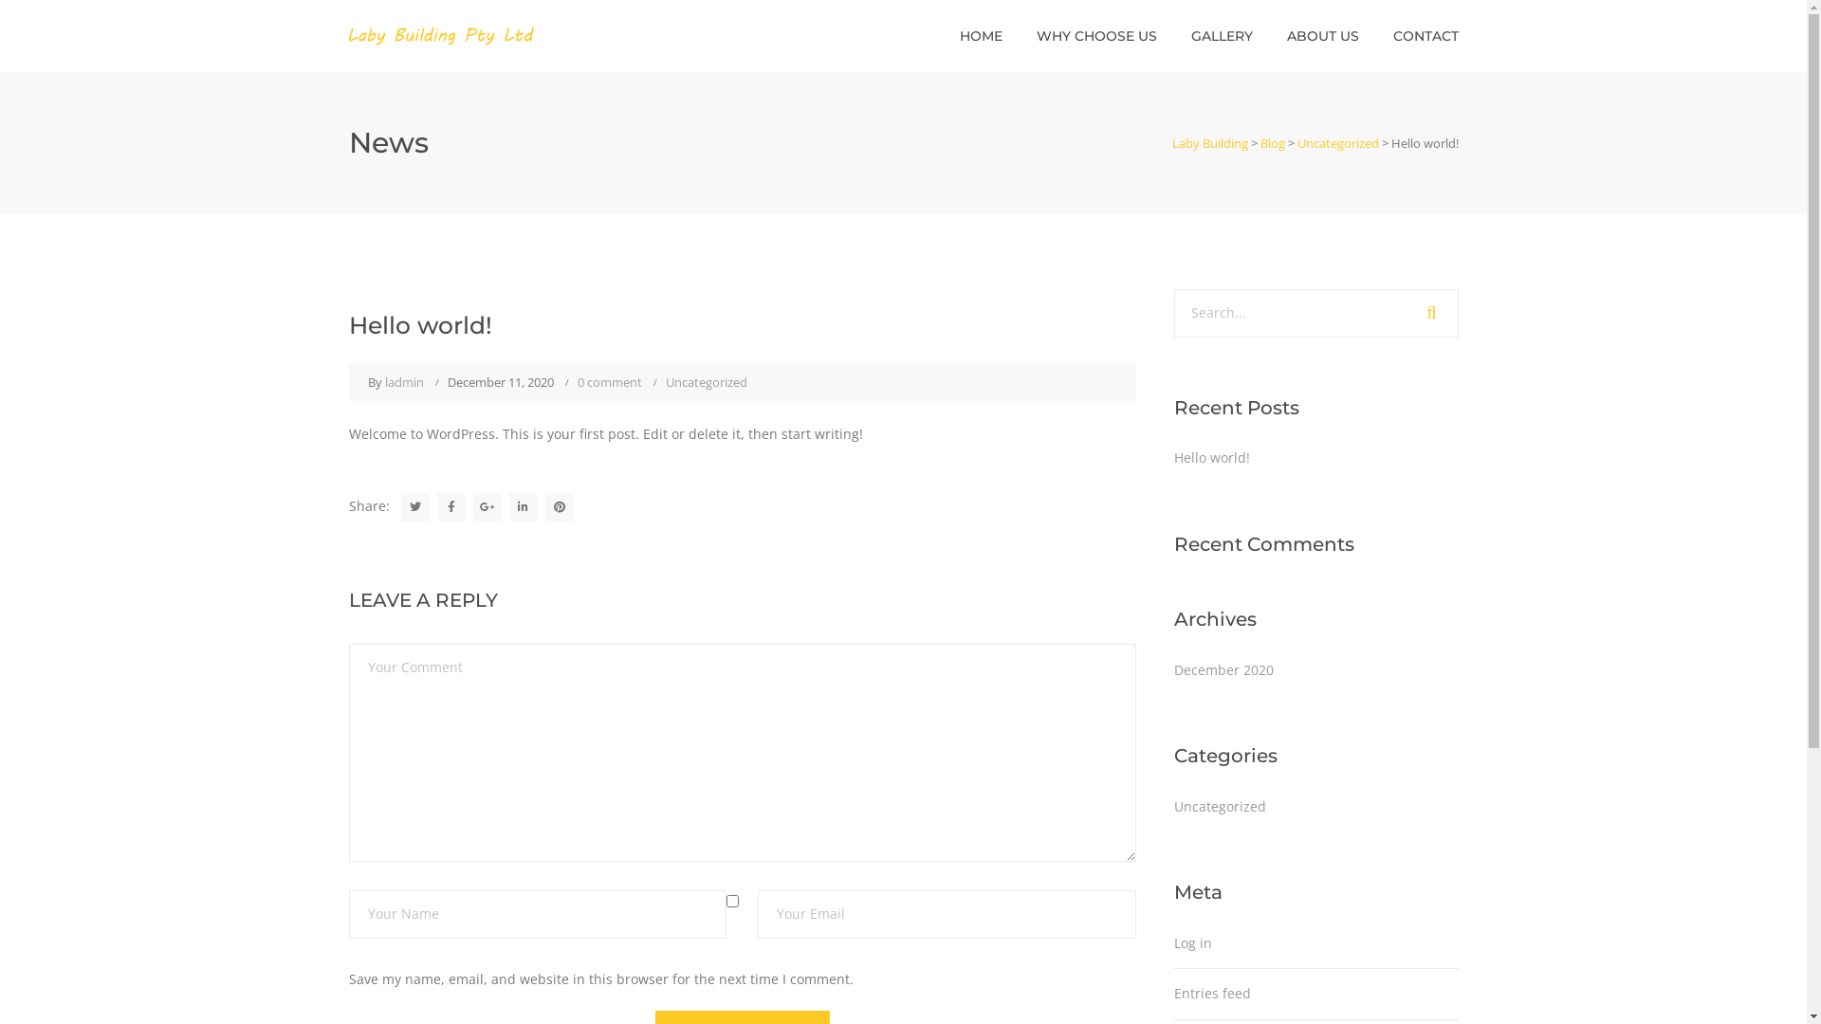 Image resolution: width=1821 pixels, height=1024 pixels. What do you see at coordinates (1209, 141) in the screenshot?
I see `'Laby Building'` at bounding box center [1209, 141].